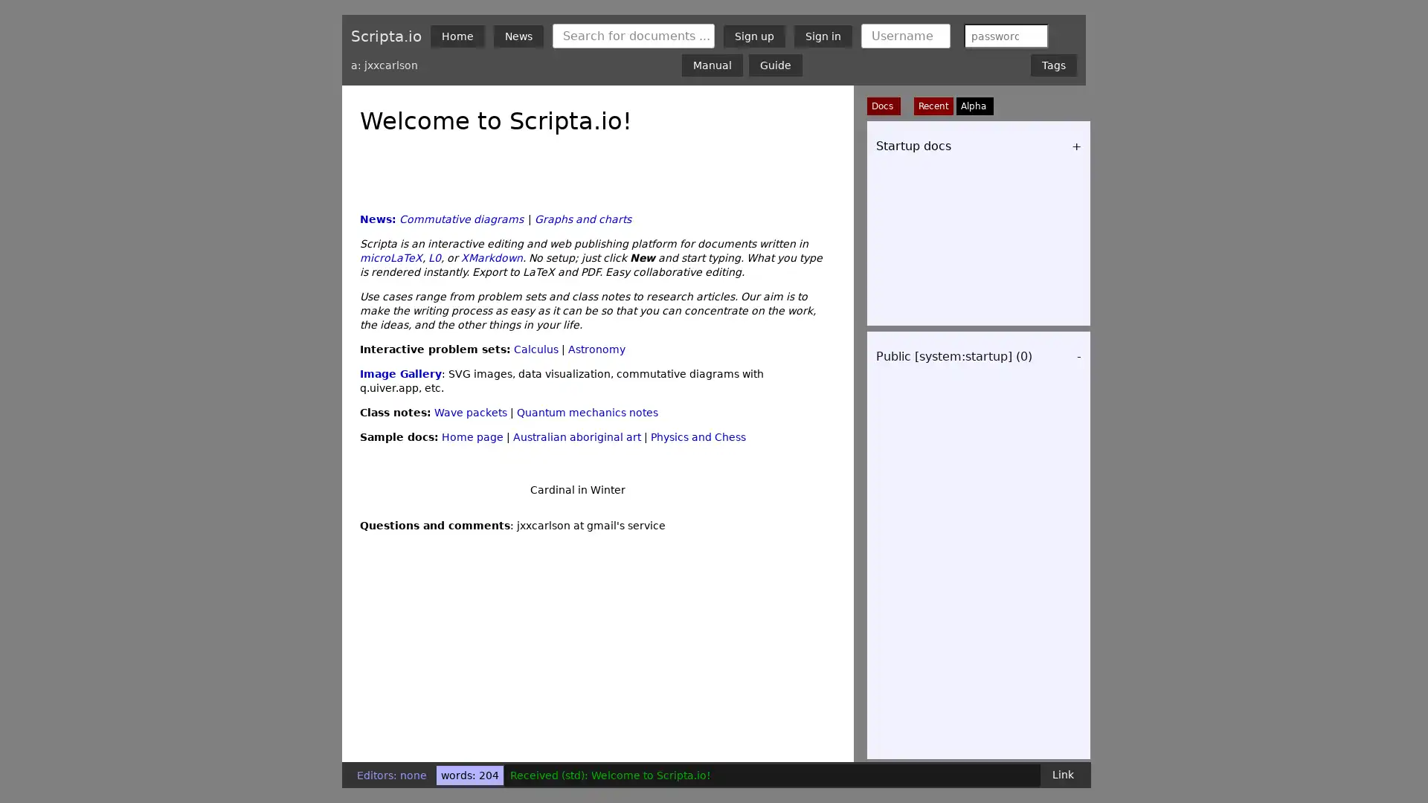 This screenshot has width=1428, height=803. Describe the element at coordinates (576, 552) in the screenshot. I see `Australian aboriginal art` at that location.